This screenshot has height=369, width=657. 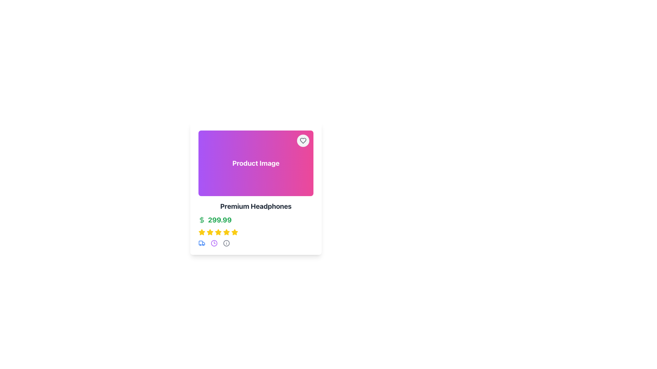 What do you see at coordinates (227, 232) in the screenshot?
I see `seventh star icon, styled with a yellow fill and border outline, which represents a rating component in the product card` at bounding box center [227, 232].